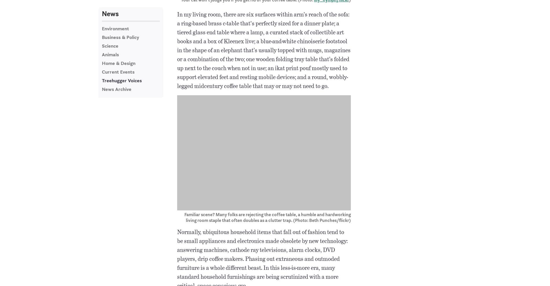 The height and width of the screenshot is (286, 550). Describe the element at coordinates (322, 220) in the screenshot. I see `'(Photo: Beth Punches/flickr)'` at that location.